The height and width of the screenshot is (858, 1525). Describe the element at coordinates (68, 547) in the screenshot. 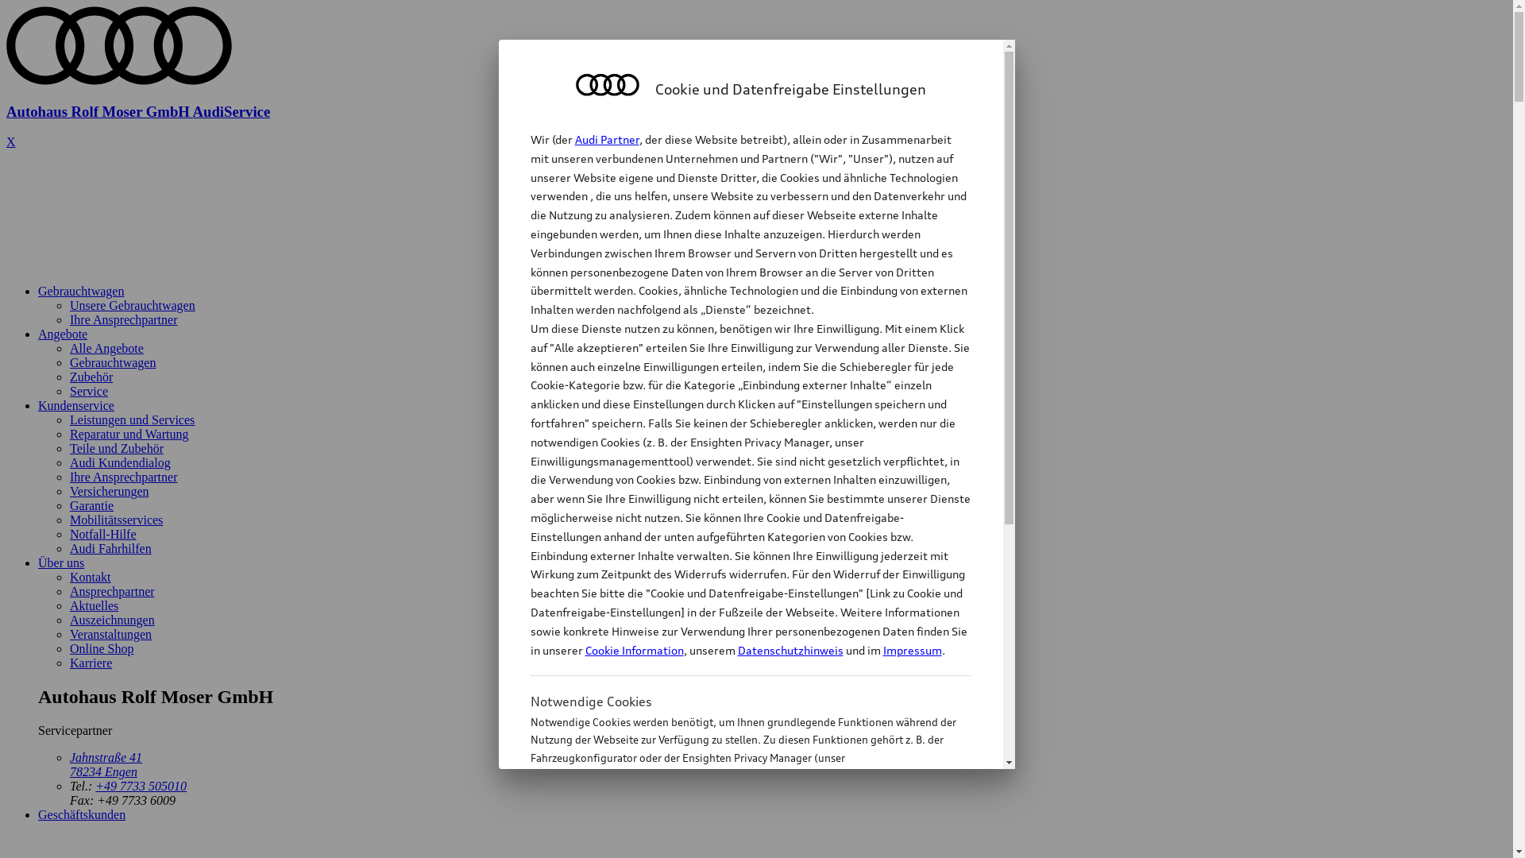

I see `'Audi Fahrhilfen'` at that location.